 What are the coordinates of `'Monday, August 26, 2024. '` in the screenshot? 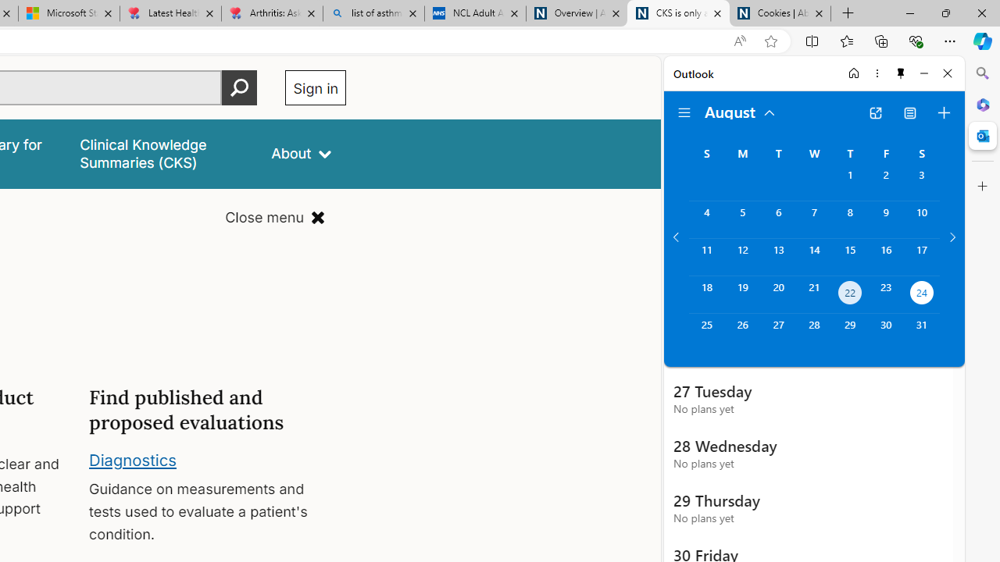 It's located at (741, 331).